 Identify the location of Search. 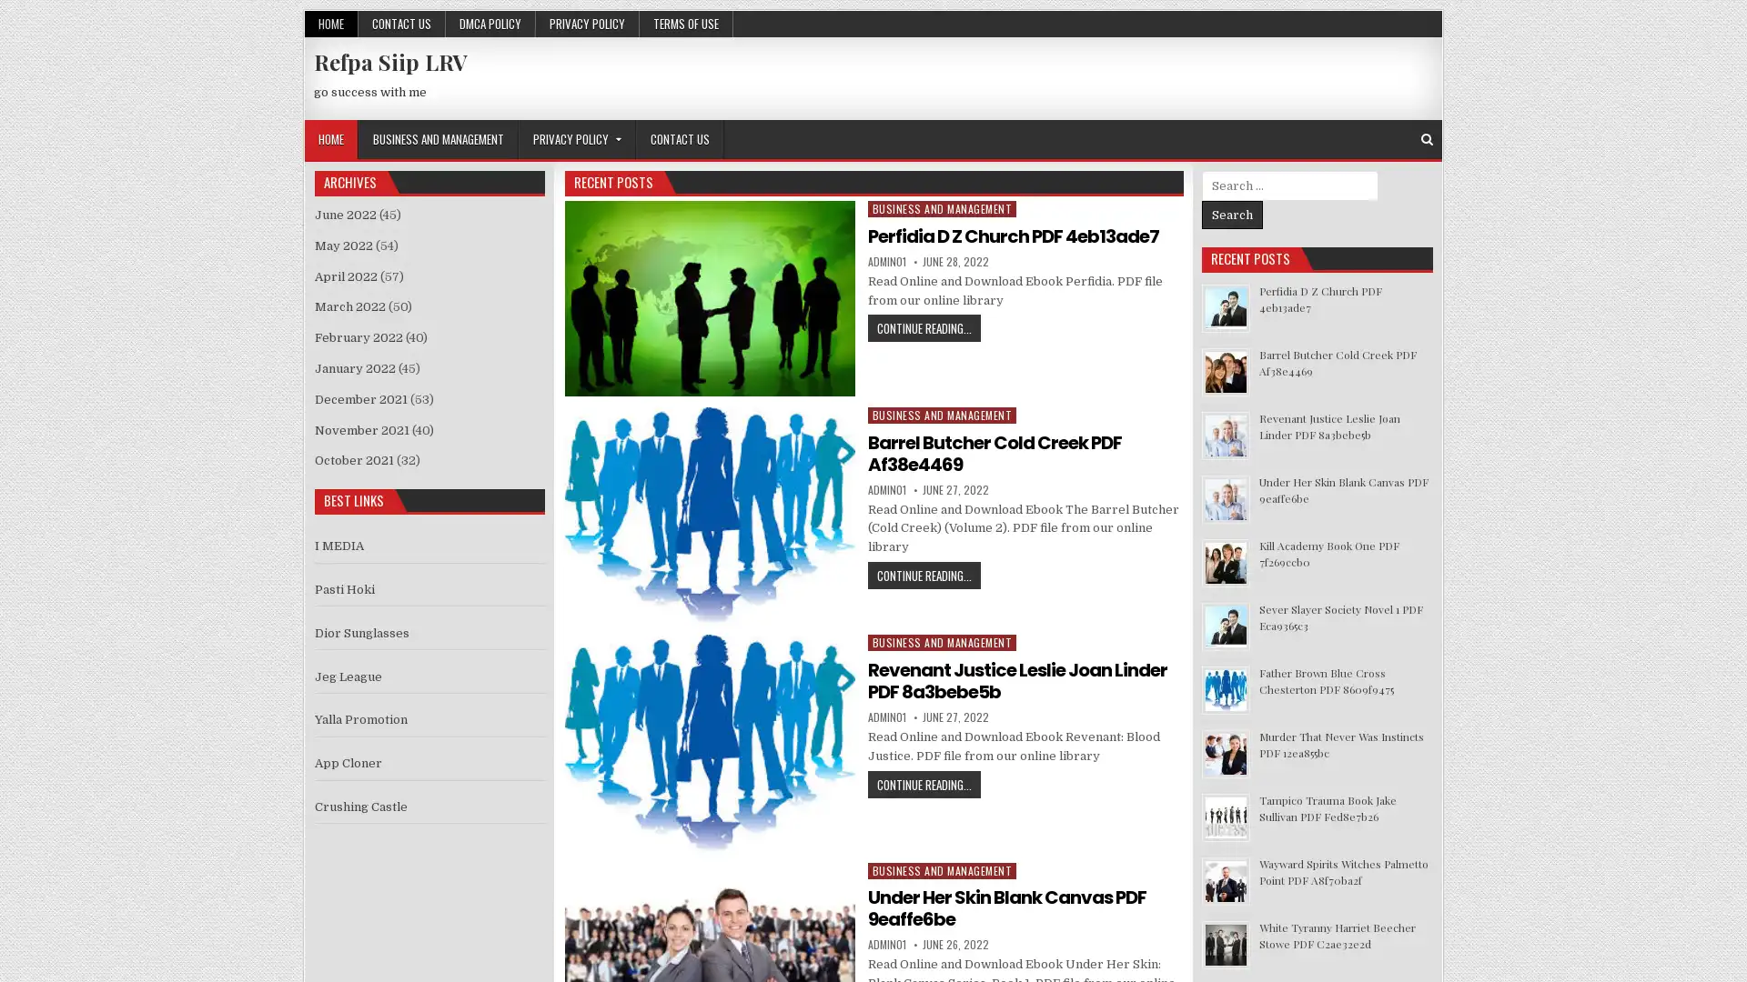
(1232, 214).